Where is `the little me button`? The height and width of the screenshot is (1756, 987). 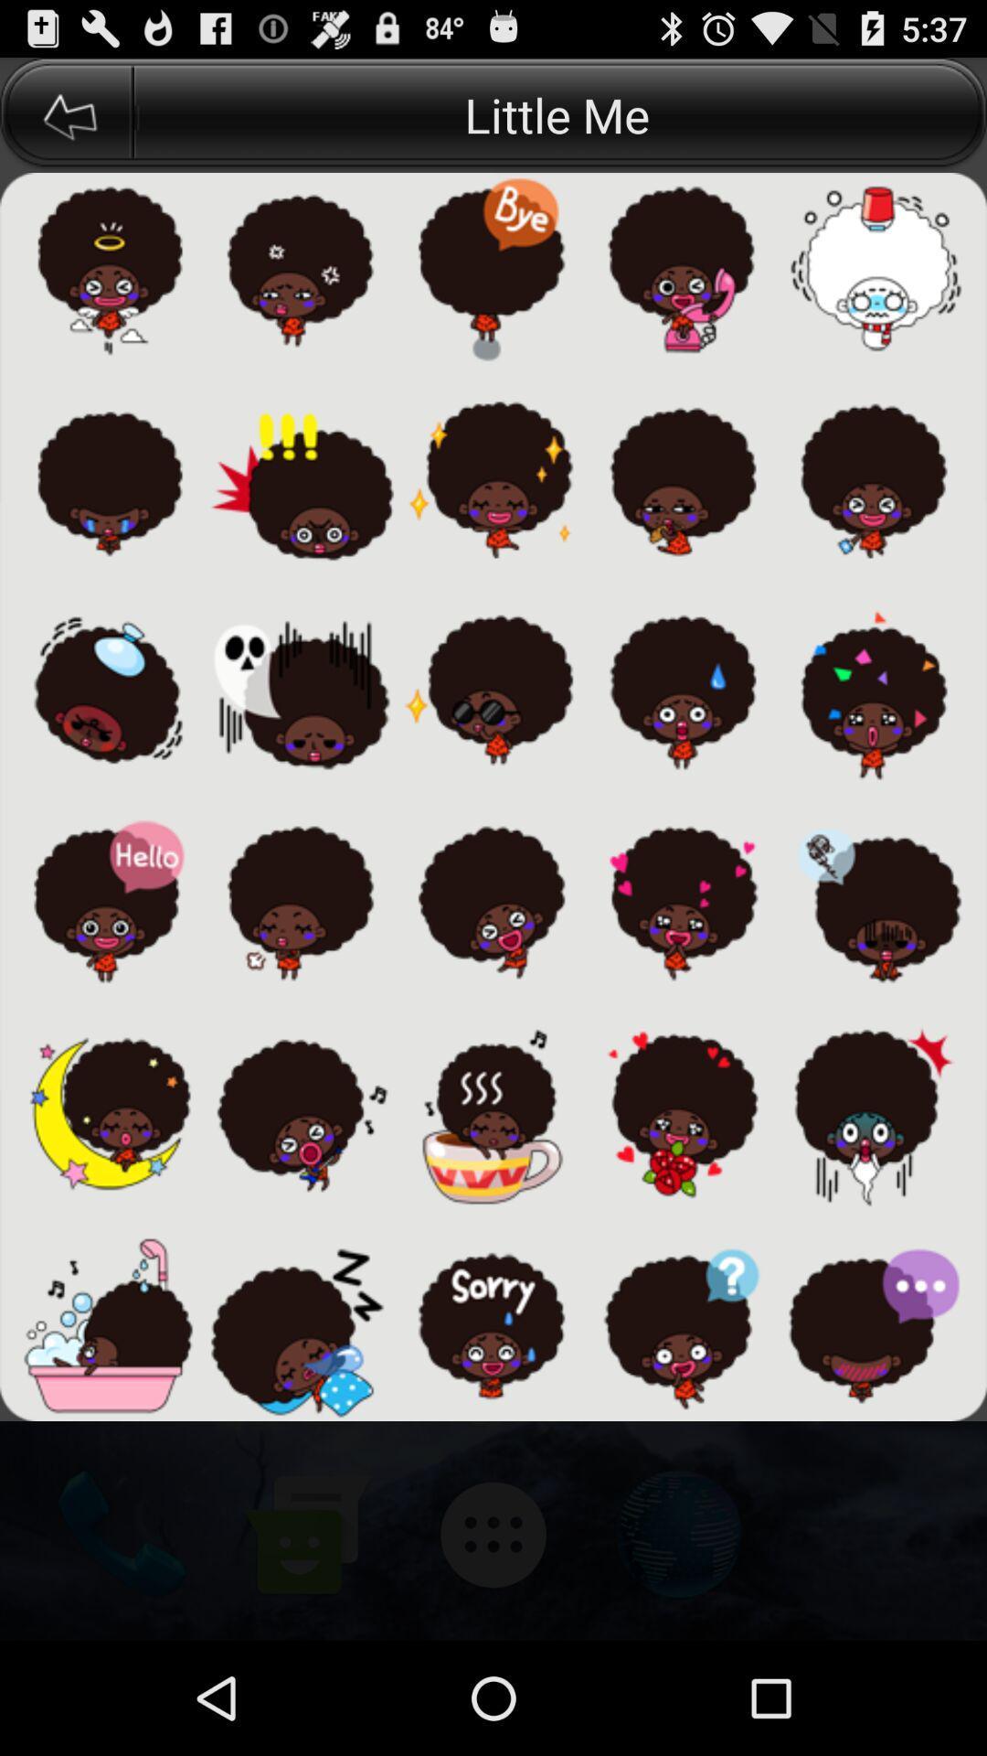
the little me button is located at coordinates (559, 113).